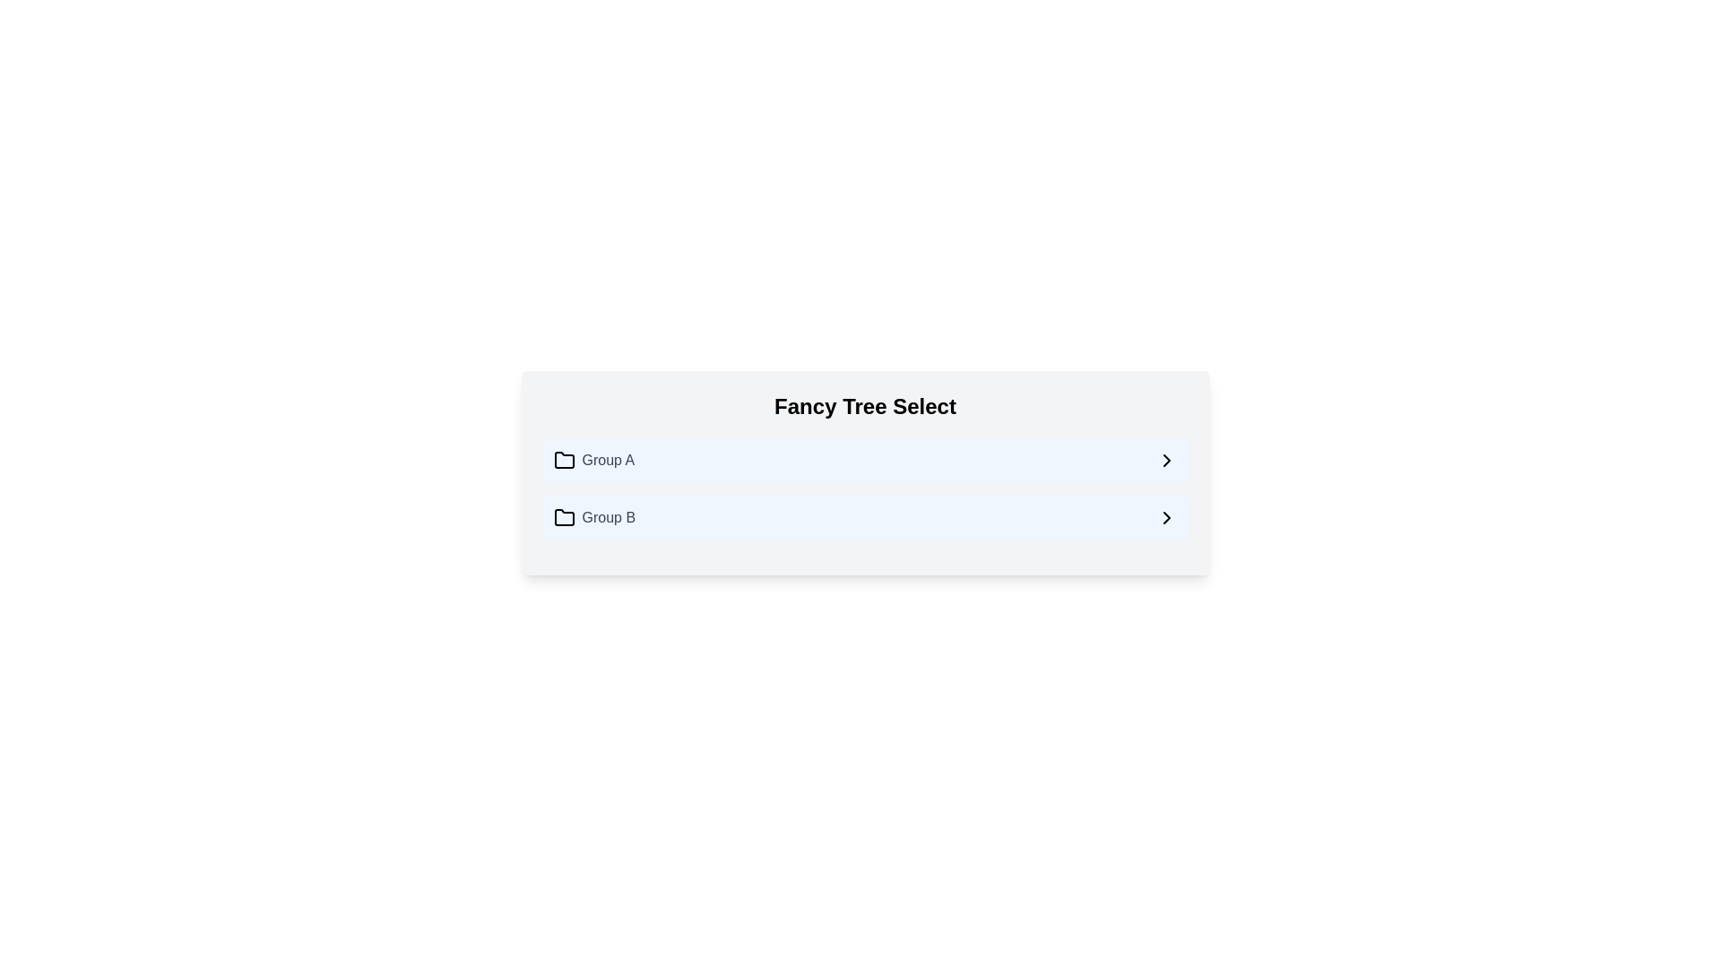 The width and height of the screenshot is (1721, 968). What do you see at coordinates (593, 459) in the screenshot?
I see `the first list item labeled 'Group A' which has a folder icon on the left` at bounding box center [593, 459].